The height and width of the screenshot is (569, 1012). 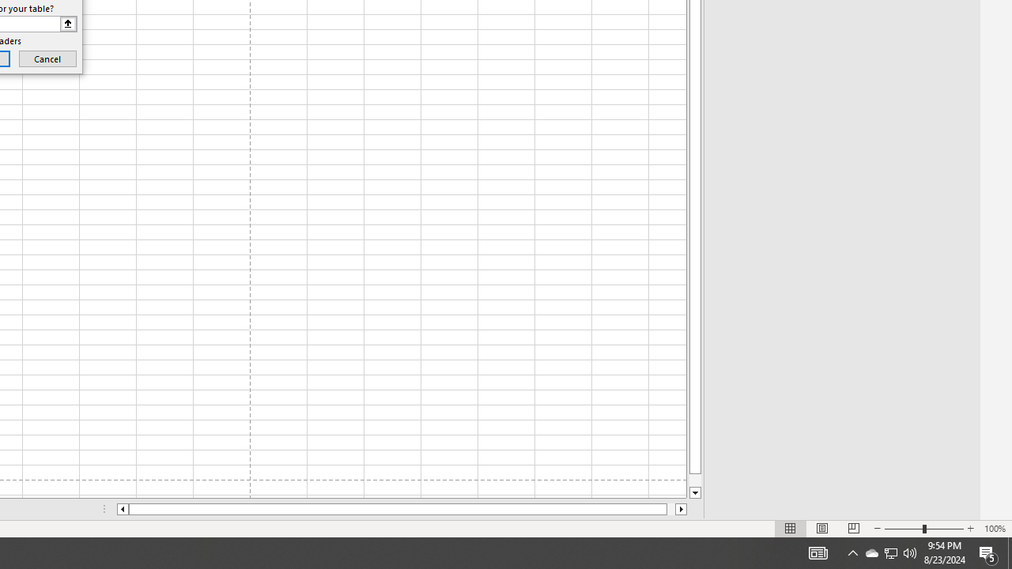 What do you see at coordinates (852, 529) in the screenshot?
I see `'Page Break Preview'` at bounding box center [852, 529].